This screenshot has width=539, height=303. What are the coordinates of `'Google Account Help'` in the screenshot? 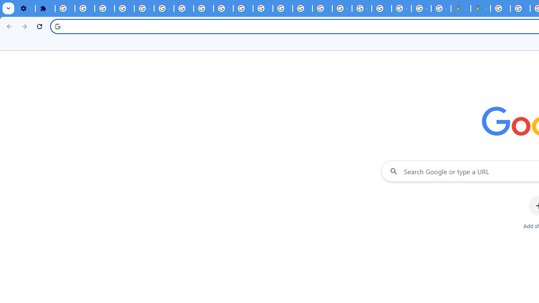 It's located at (144, 8).